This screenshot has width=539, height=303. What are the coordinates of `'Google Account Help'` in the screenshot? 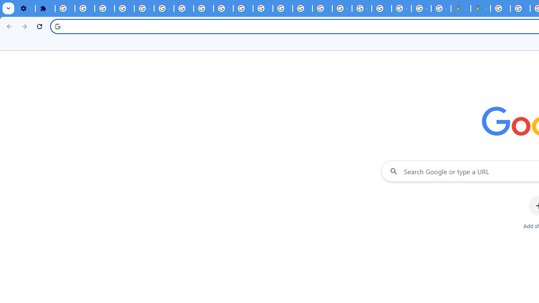 It's located at (144, 8).